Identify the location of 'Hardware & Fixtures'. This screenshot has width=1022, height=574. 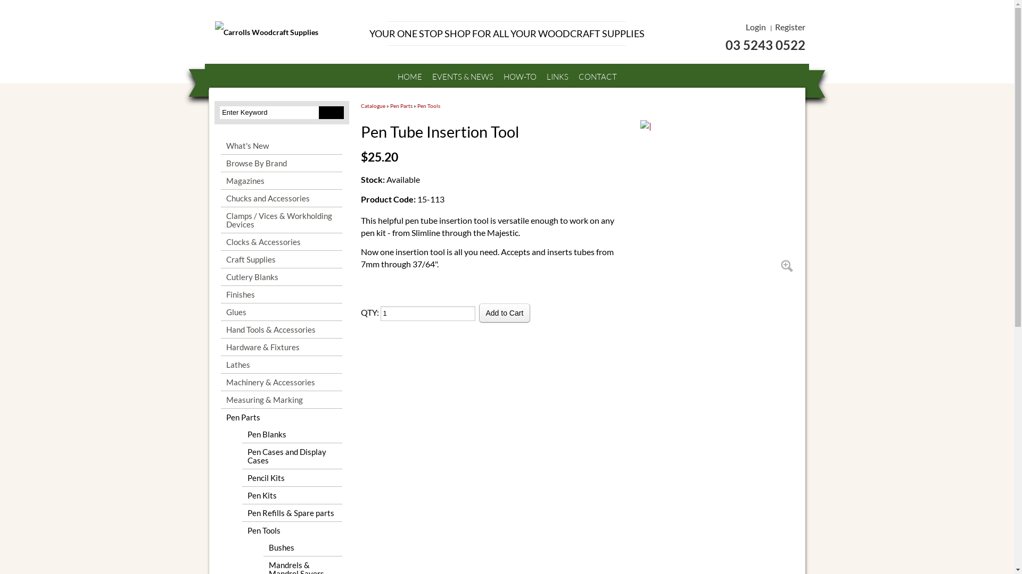
(281, 347).